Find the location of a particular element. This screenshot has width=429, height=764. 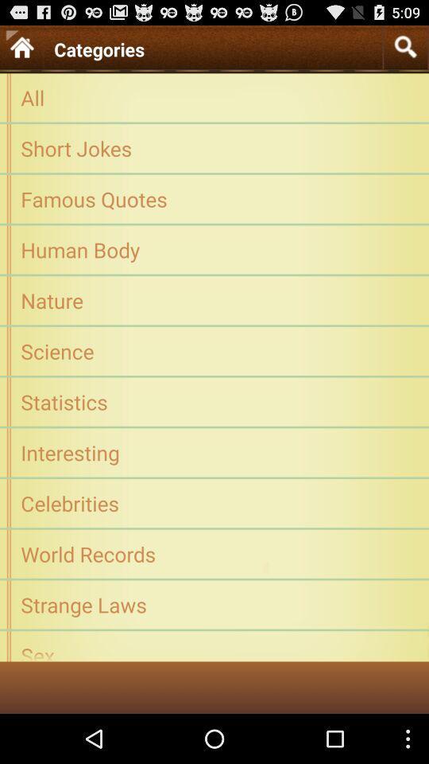

world records icon is located at coordinates (214, 554).